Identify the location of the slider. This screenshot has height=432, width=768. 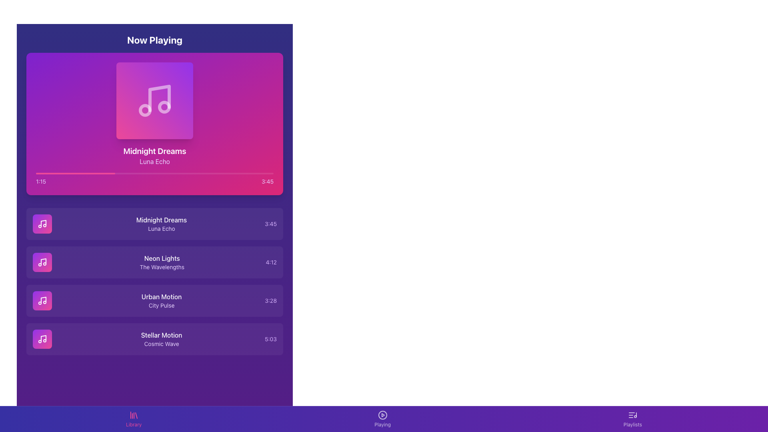
(200, 173).